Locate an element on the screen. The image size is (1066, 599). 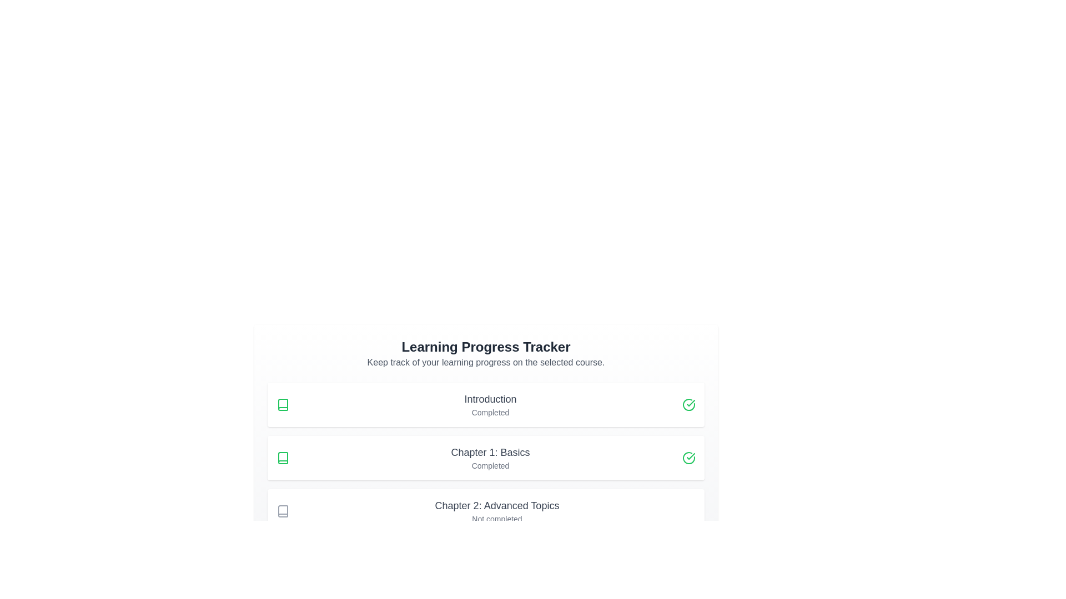
the informational card that displays the heading 'Chapter 2: Advanced Topics' and the caption 'Not completed', located below 'Chapter 1: Basics' in the learning progress tracker is located at coordinates (496, 511).